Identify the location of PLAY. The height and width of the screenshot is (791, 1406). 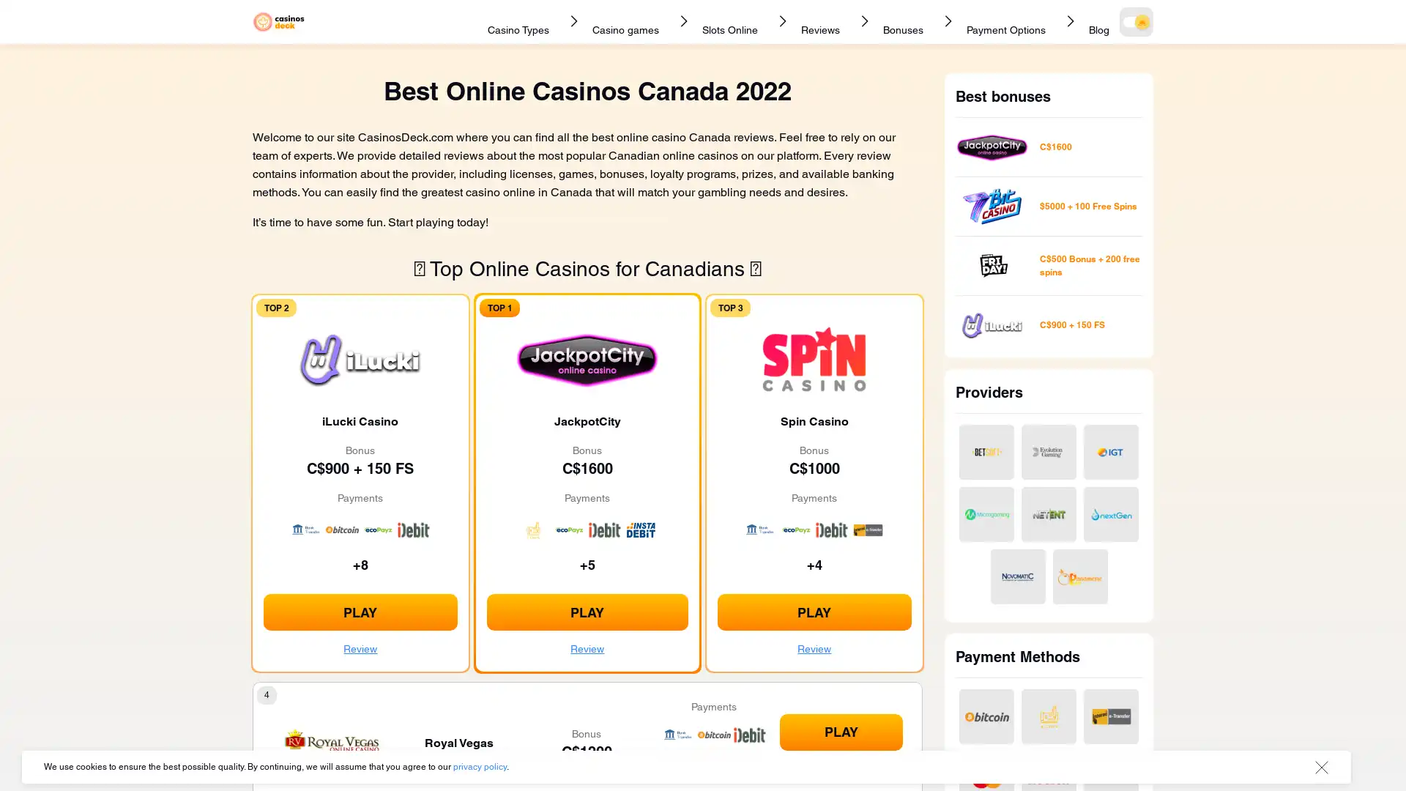
(587, 612).